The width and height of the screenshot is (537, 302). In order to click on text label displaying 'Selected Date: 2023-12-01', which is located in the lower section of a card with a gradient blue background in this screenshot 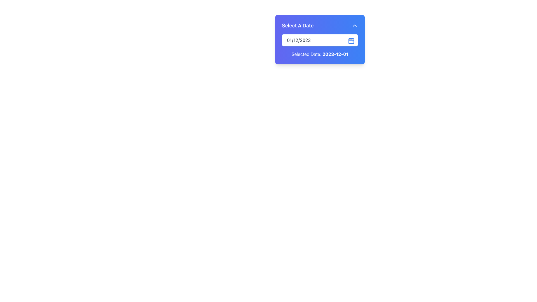, I will do `click(320, 54)`.